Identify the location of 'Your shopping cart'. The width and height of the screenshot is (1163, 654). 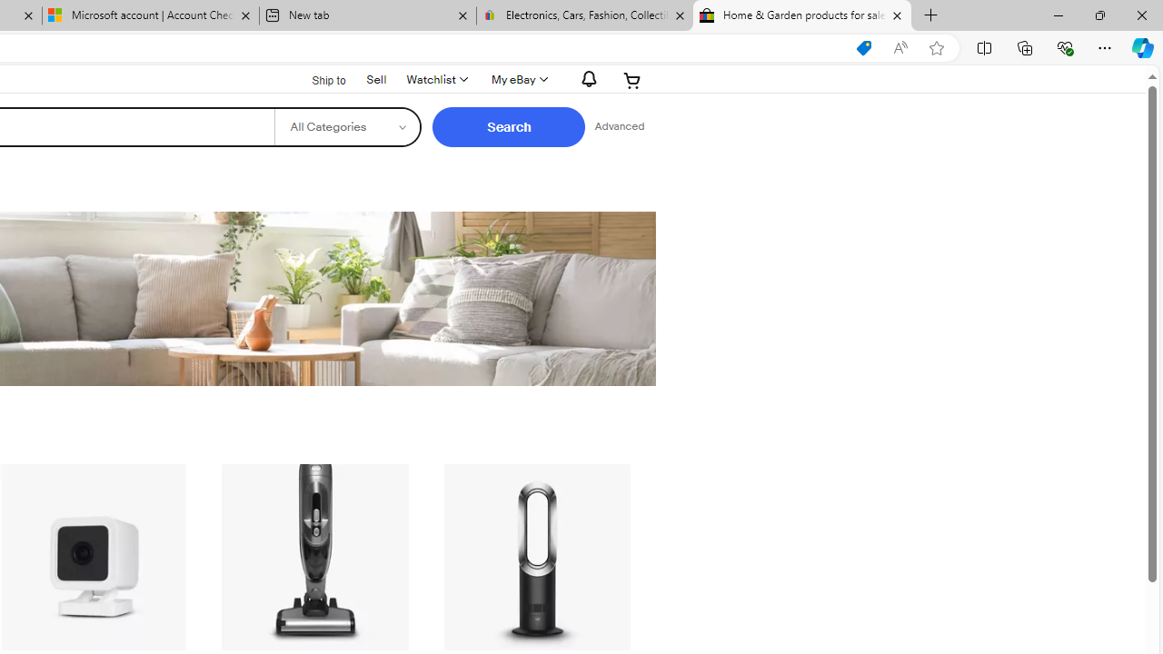
(632, 79).